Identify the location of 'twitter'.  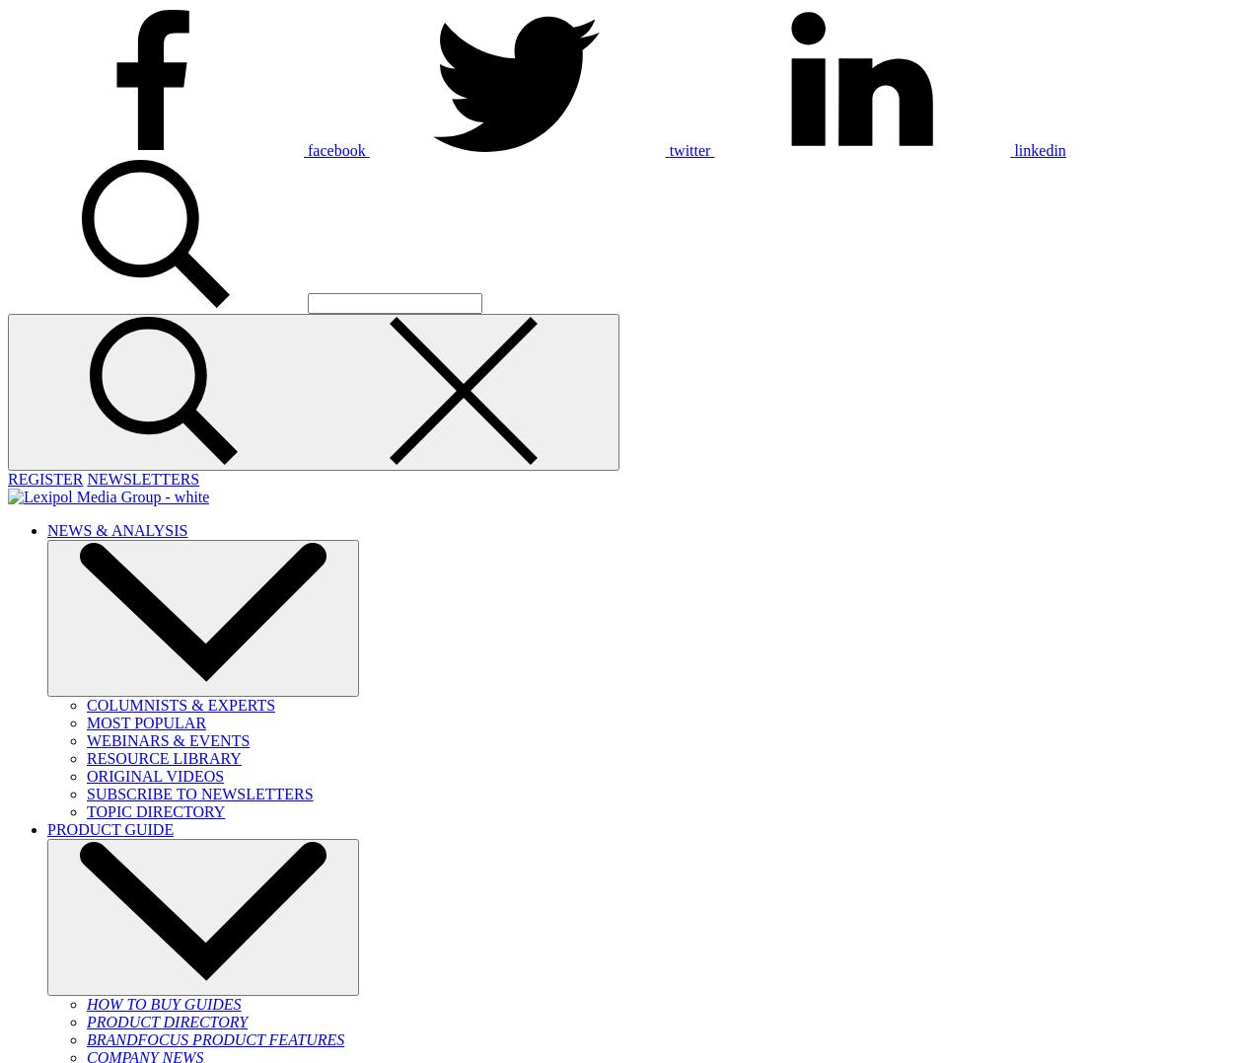
(690, 150).